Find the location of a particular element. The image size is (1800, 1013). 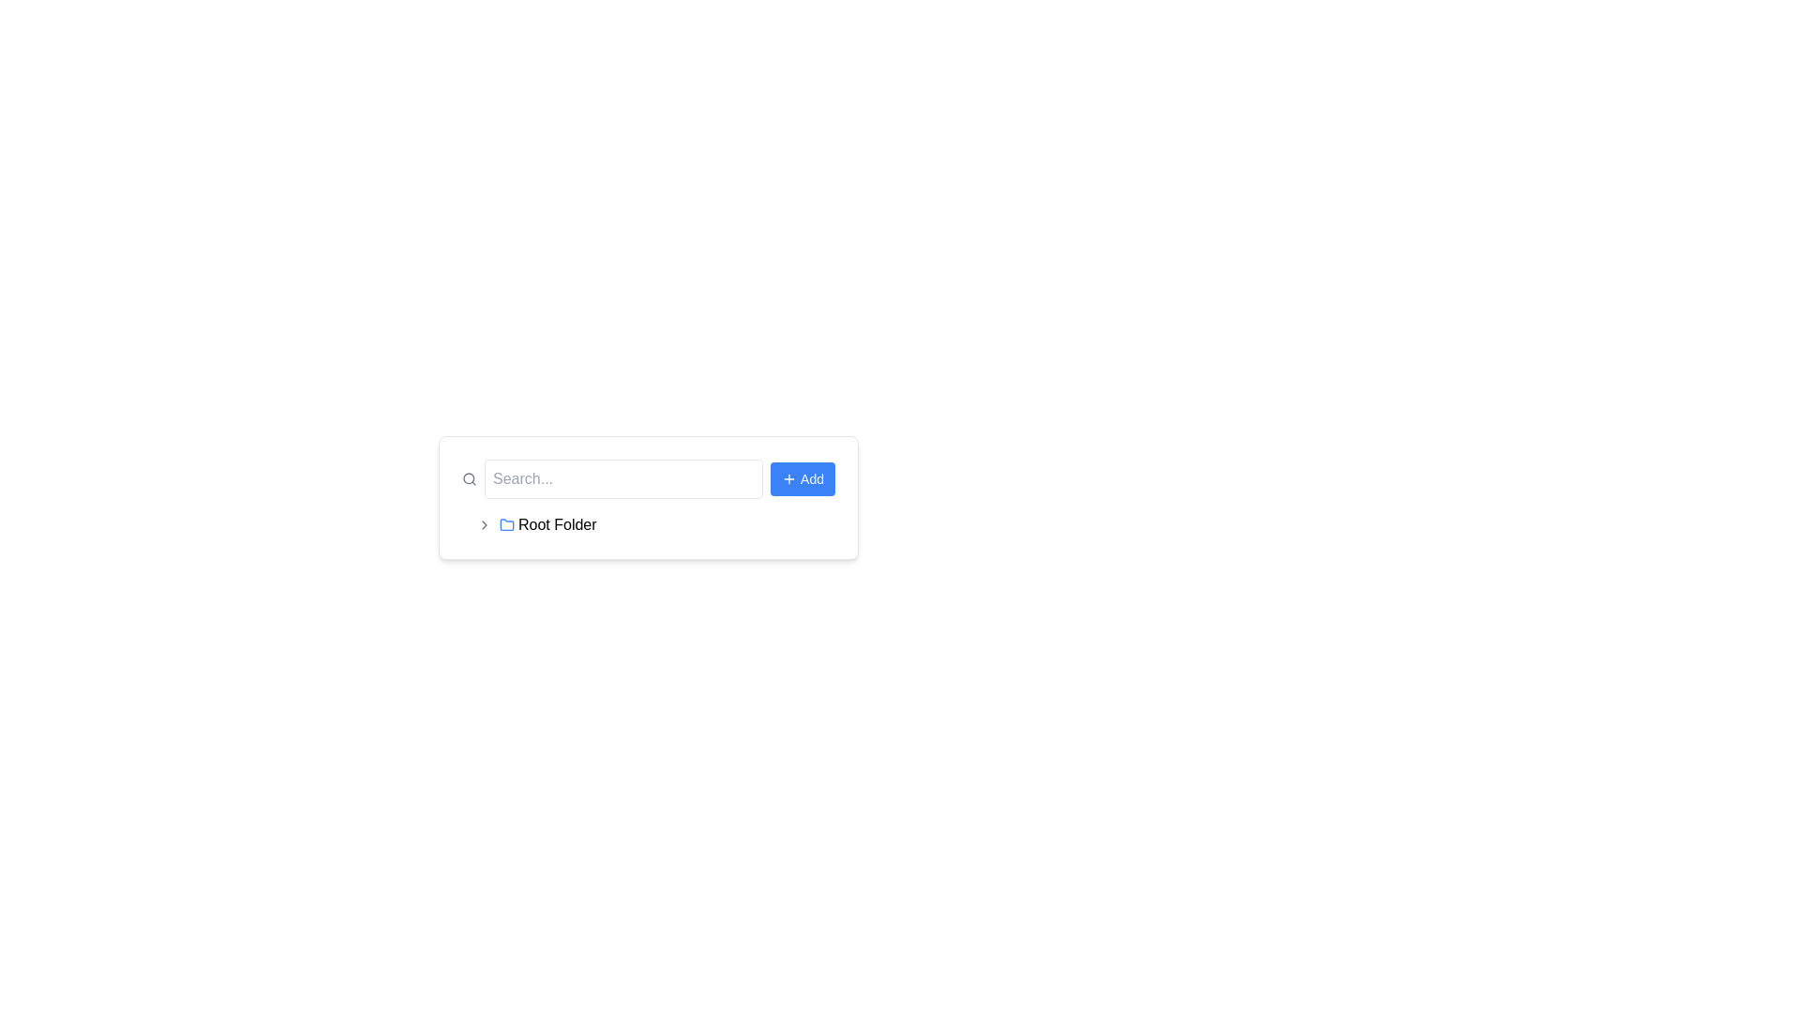

the 'Root Folder' label with an icon is located at coordinates (547, 524).